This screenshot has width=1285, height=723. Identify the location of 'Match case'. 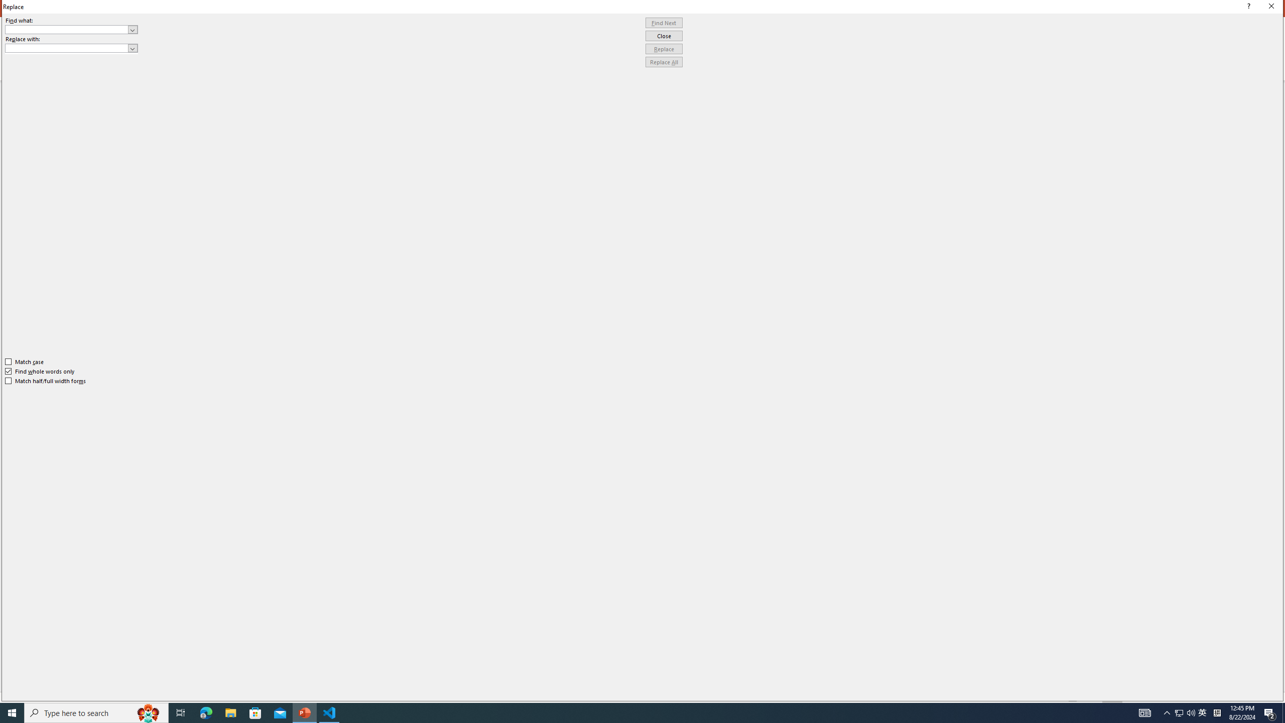
(24, 361).